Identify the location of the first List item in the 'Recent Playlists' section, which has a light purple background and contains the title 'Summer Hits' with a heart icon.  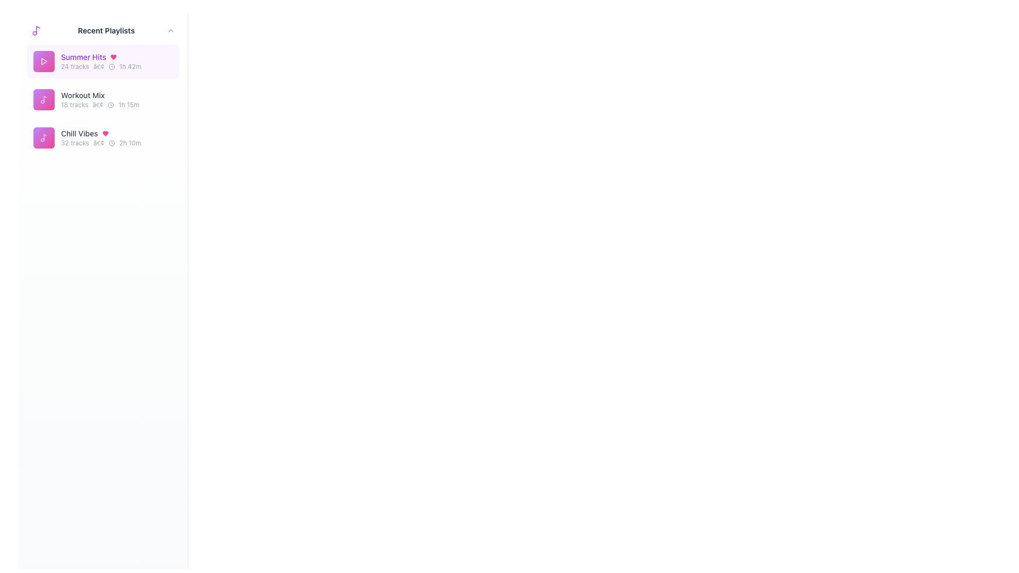
(103, 61).